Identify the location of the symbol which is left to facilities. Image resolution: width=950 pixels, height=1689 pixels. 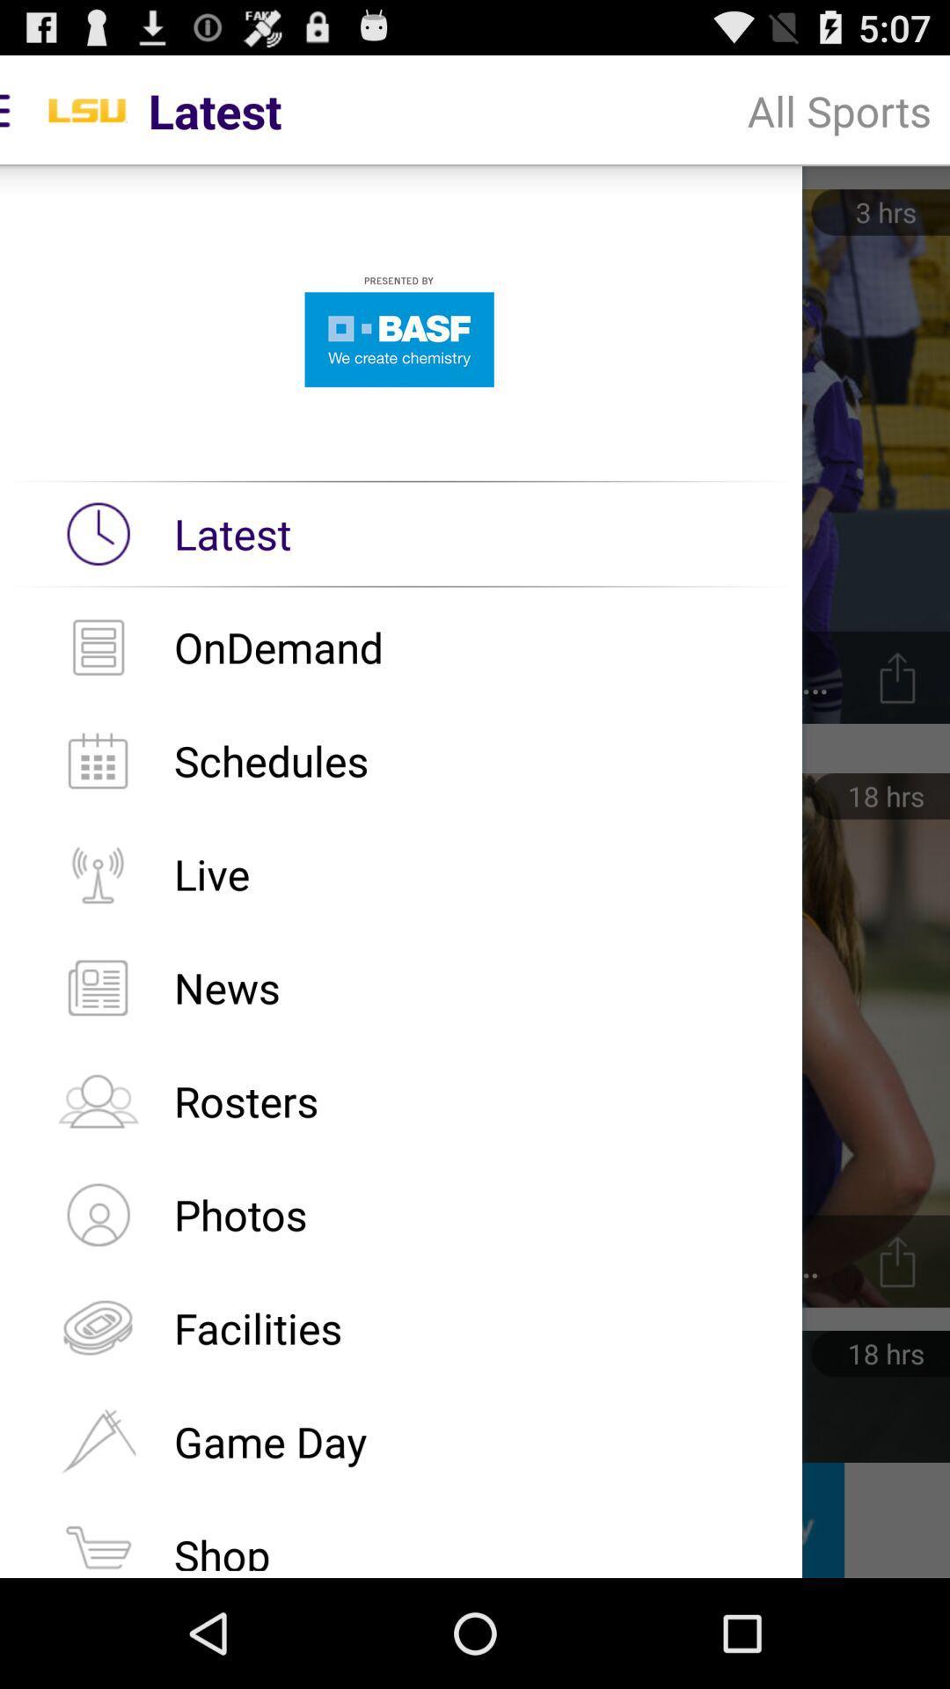
(98, 1328).